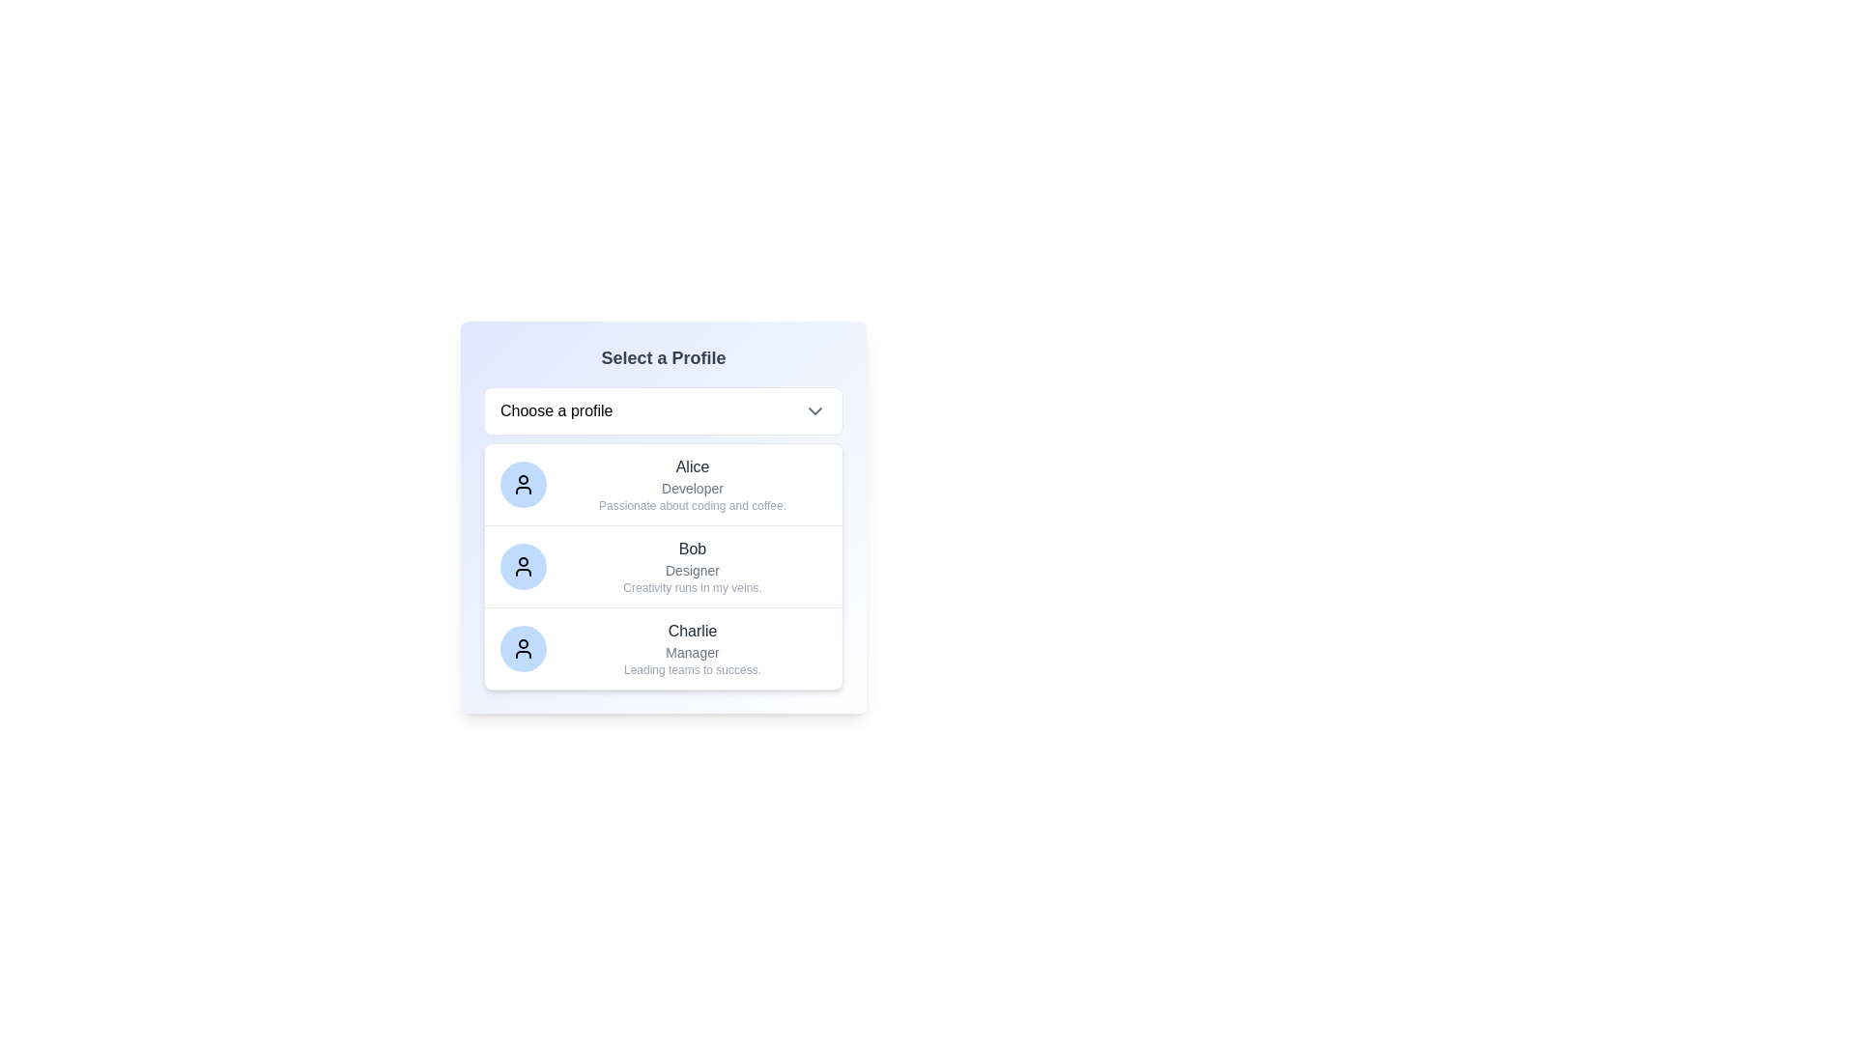  What do you see at coordinates (524, 648) in the screenshot?
I see `the circular user icon with a blue background located to the left of the text description for 'Charlie', 'Manager', and 'Leading teams to success.'` at bounding box center [524, 648].